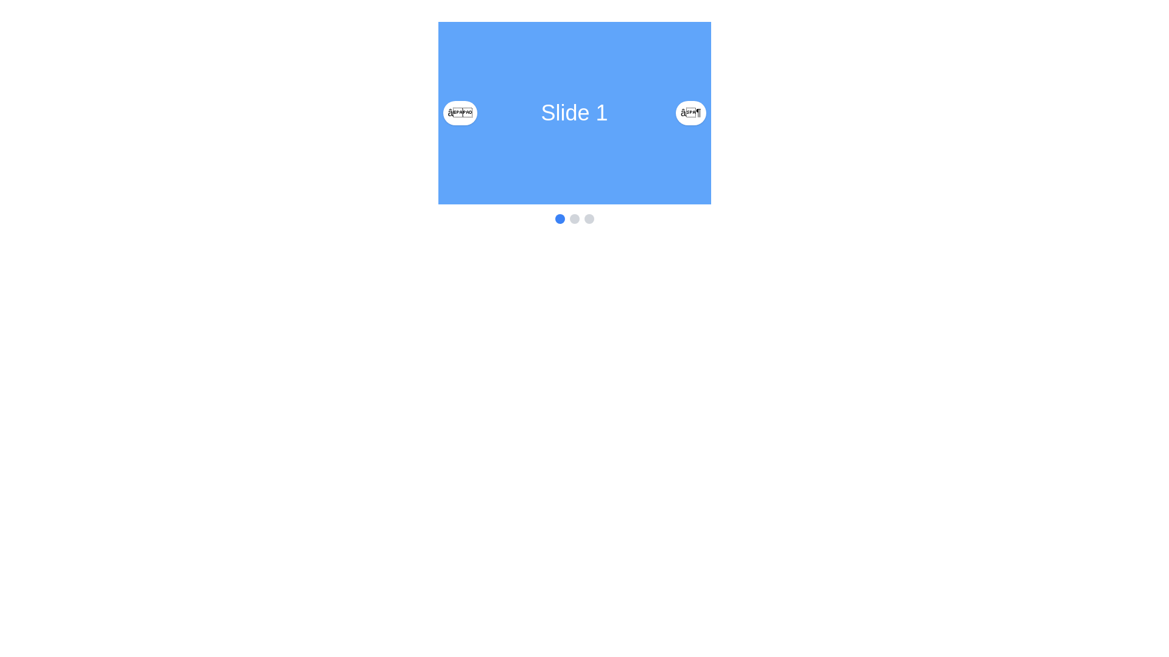 The height and width of the screenshot is (657, 1169). I want to click on the navigation indicator element located at the bottom-center of the carousel interface, so click(574, 218).